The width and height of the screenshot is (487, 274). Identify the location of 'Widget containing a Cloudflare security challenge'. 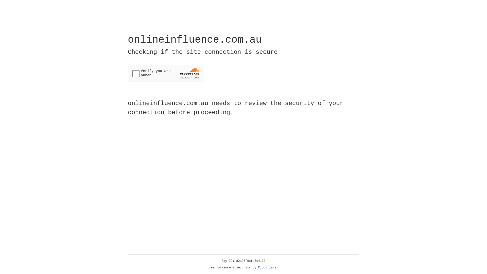
(166, 73).